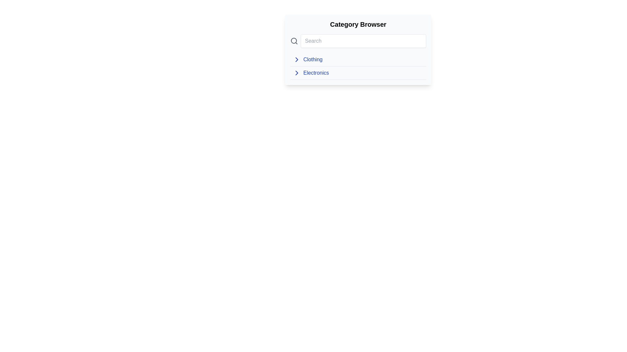 The image size is (627, 352). What do you see at coordinates (296, 73) in the screenshot?
I see `the icon located to the immediate left of the 'Electronics' text, which serves as a navigation component for the Electronics category` at bounding box center [296, 73].